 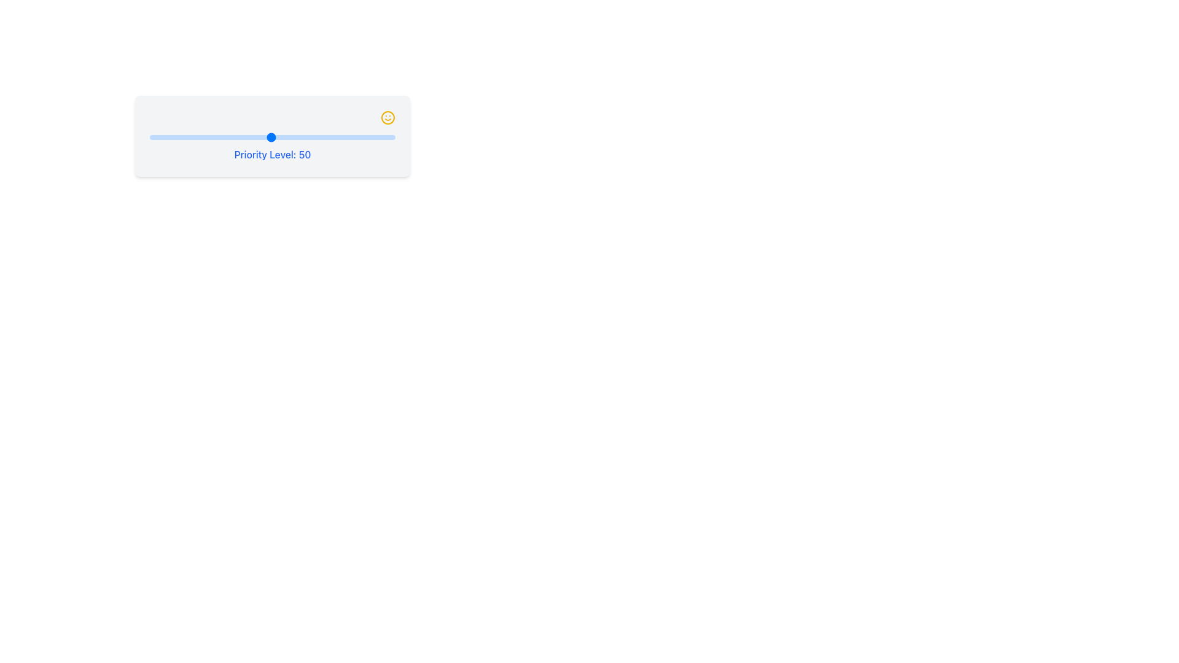 What do you see at coordinates (392, 137) in the screenshot?
I see `the priority level` at bounding box center [392, 137].